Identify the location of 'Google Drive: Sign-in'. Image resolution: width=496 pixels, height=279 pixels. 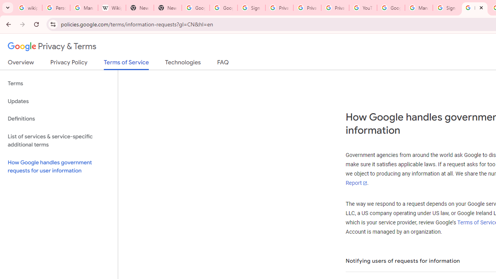
(223, 8).